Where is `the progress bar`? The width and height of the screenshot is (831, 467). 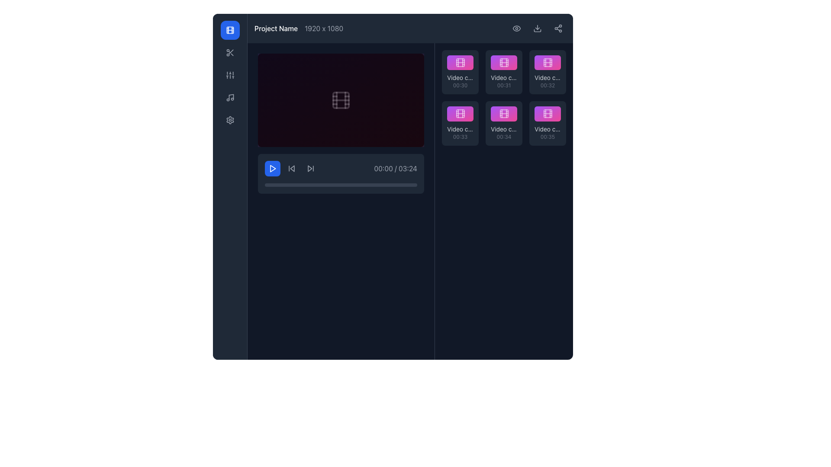
the progress bar is located at coordinates (359, 185).